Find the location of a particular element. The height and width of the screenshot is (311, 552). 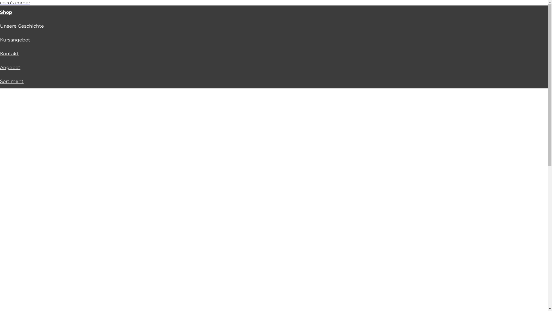

'Angebot' is located at coordinates (10, 67).